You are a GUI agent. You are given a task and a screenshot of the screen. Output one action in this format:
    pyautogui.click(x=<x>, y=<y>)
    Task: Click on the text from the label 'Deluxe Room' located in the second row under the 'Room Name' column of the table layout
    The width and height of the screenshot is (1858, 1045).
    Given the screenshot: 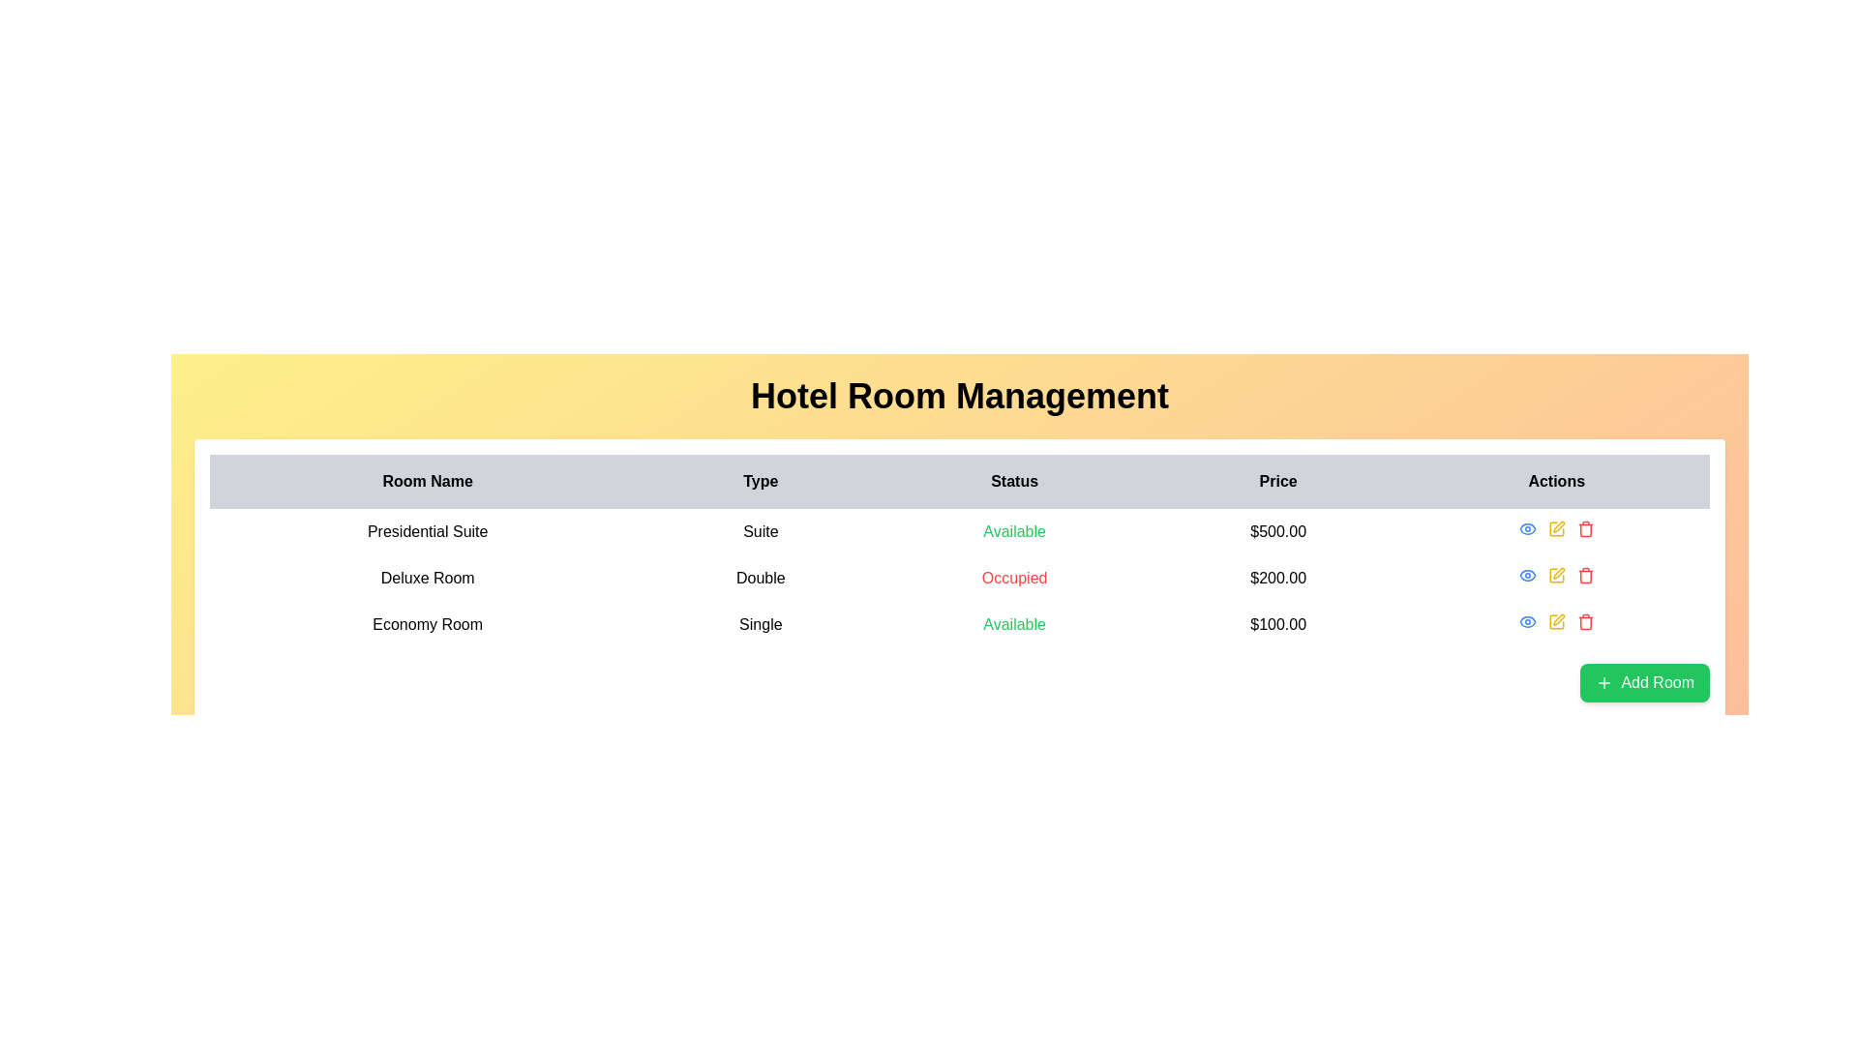 What is the action you would take?
    pyautogui.click(x=427, y=577)
    